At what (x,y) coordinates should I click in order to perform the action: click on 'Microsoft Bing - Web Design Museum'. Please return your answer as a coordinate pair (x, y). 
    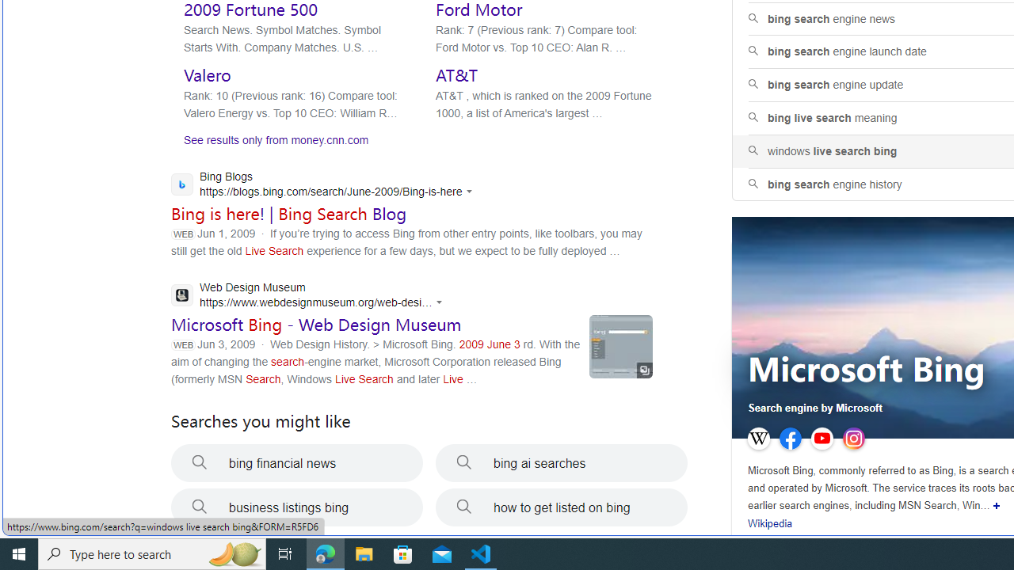
    Looking at the image, I should click on (316, 324).